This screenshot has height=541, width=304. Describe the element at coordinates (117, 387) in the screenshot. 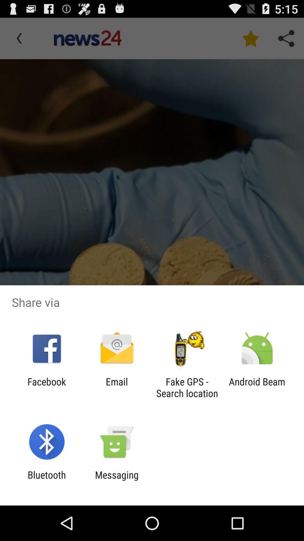

I see `icon to the right of the facebook icon` at that location.